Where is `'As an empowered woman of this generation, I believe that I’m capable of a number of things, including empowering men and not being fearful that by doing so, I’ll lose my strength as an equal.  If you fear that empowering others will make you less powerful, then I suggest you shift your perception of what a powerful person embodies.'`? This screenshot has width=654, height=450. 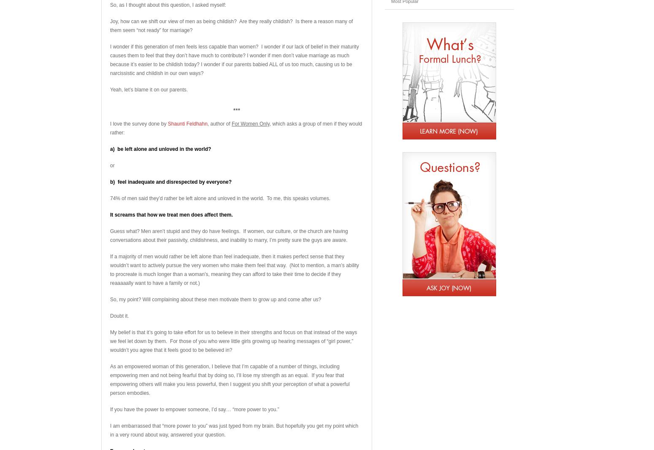
'As an empowered woman of this generation, I believe that I’m capable of a number of things, including empowering men and not being fearful that by doing so, I’ll lose my strength as an equal.  If you fear that empowering others will make you less powerful, then I suggest you shift your perception of what a powerful person embodies.' is located at coordinates (110, 379).